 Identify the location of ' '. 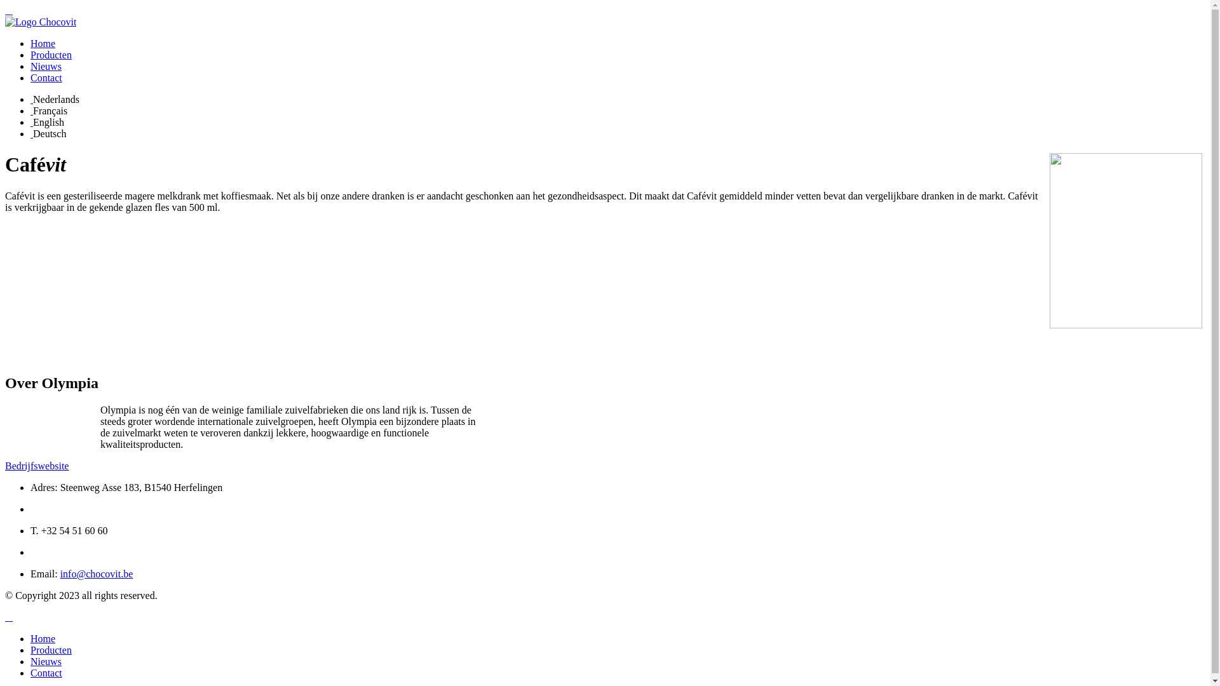
(31, 98).